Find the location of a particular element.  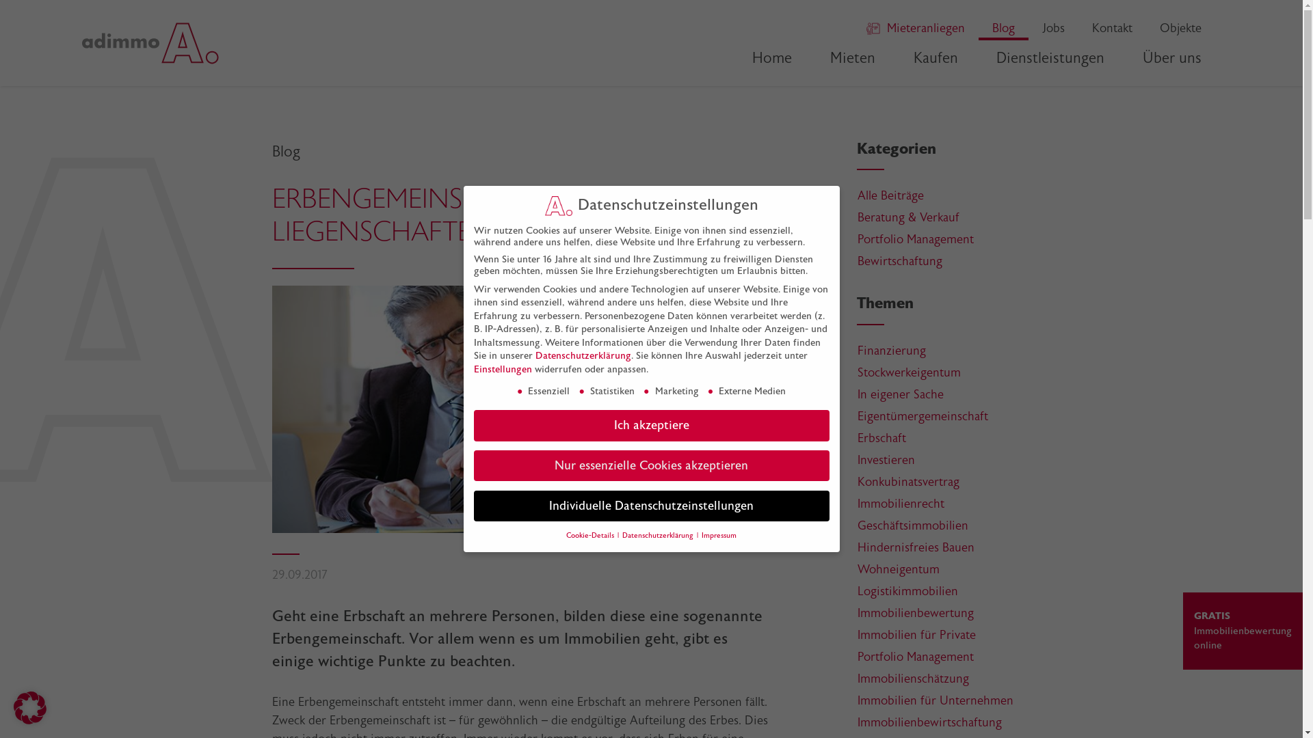

'Blog' is located at coordinates (1003, 28).